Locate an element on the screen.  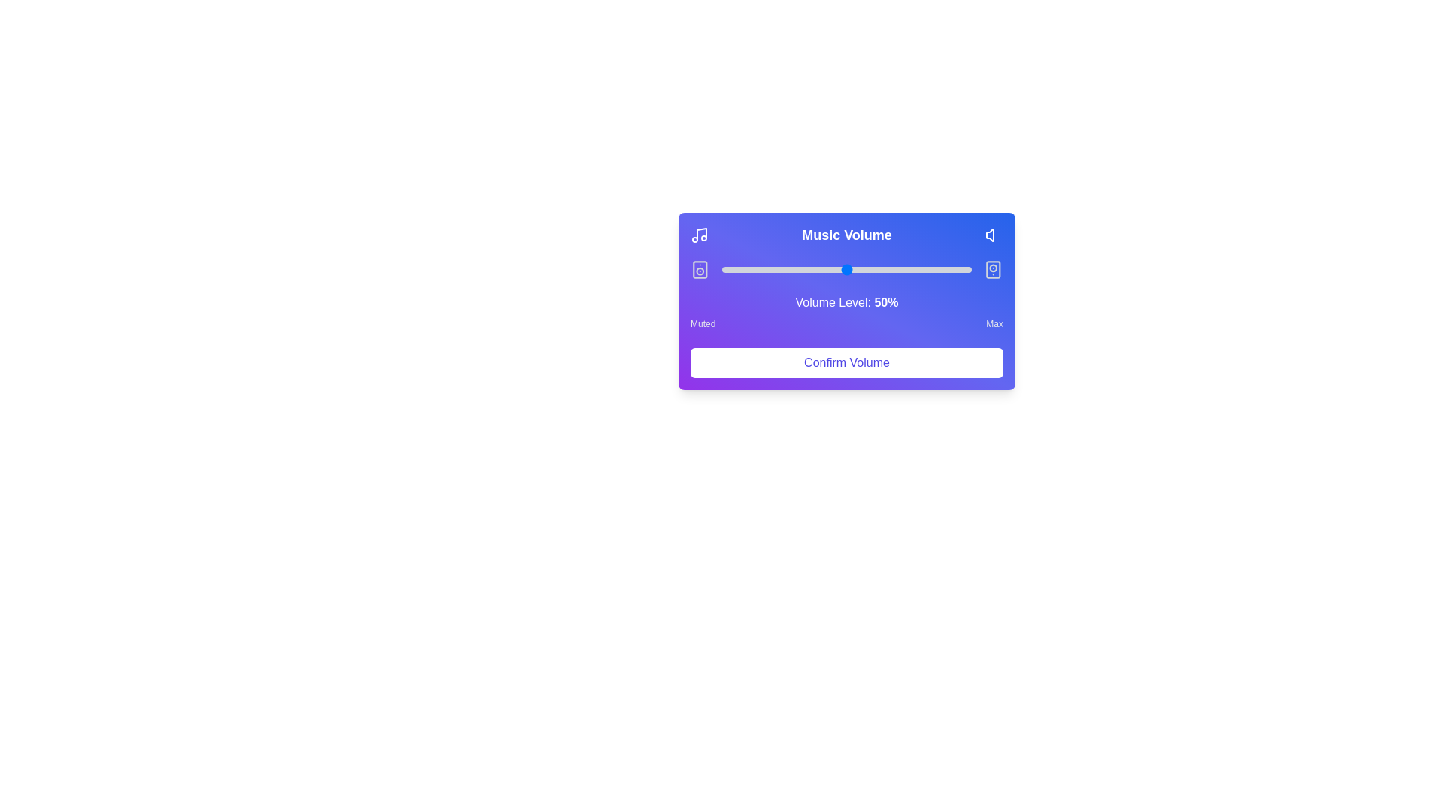
'Confirm Volume' button to confirm the selected volume is located at coordinates (847, 362).